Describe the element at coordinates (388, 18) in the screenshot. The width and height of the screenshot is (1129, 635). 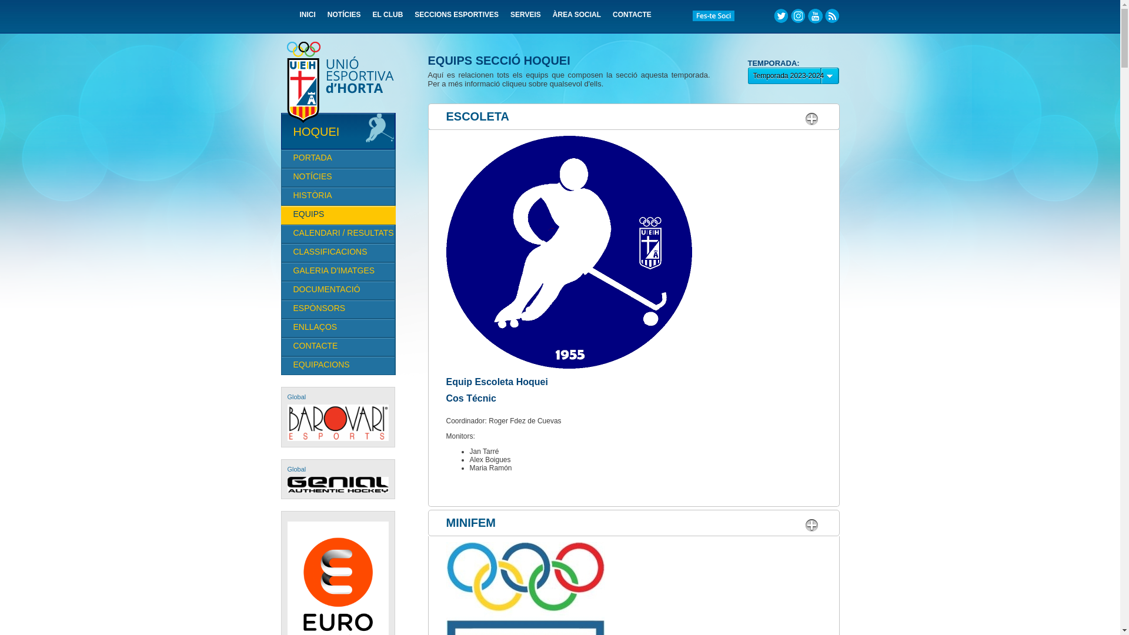
I see `'EL CLUB'` at that location.